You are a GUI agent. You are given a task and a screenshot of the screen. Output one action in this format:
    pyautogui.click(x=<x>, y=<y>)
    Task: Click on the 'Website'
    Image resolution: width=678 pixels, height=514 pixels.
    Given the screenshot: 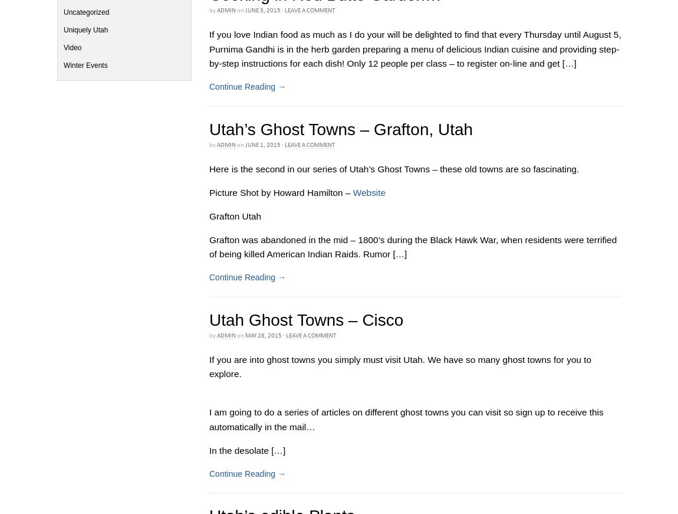 What is the action you would take?
    pyautogui.click(x=368, y=191)
    